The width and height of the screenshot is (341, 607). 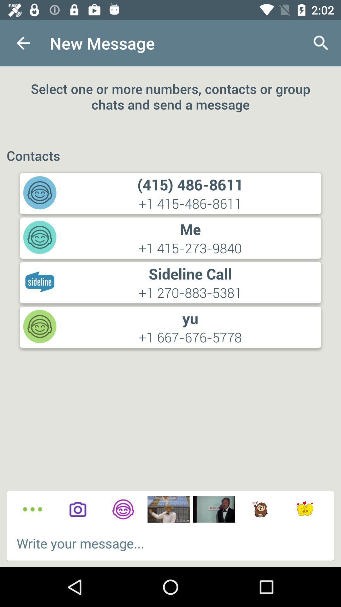 What do you see at coordinates (168, 509) in the screenshot?
I see `insert image into my message` at bounding box center [168, 509].